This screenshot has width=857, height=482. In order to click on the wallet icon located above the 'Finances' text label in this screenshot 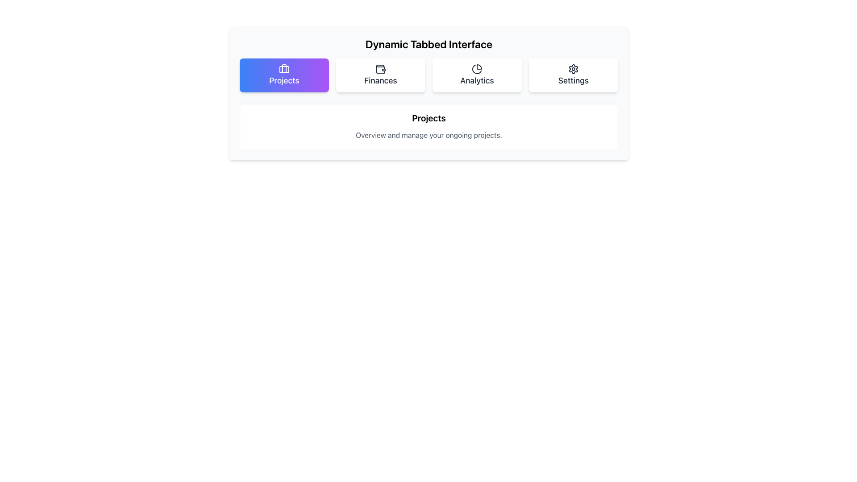, I will do `click(381, 68)`.